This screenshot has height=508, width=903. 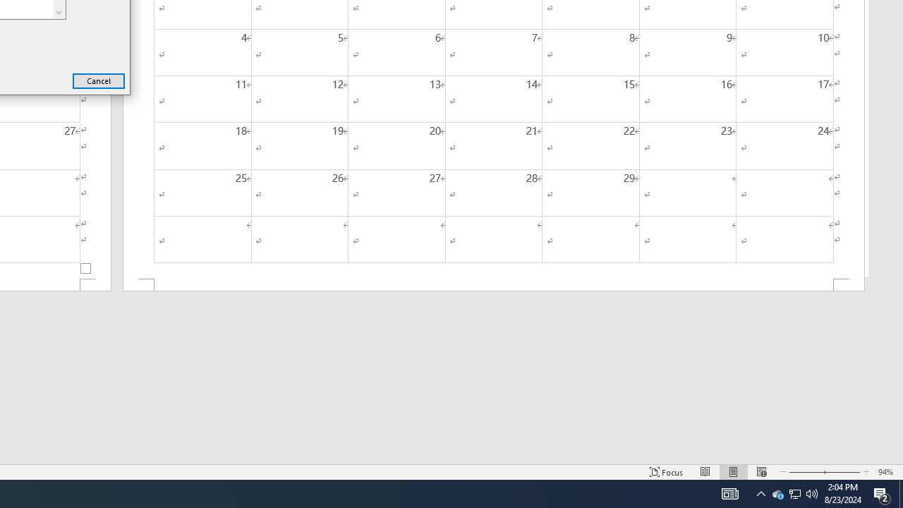 What do you see at coordinates (882, 492) in the screenshot?
I see `'Action Center, 2 new notifications'` at bounding box center [882, 492].